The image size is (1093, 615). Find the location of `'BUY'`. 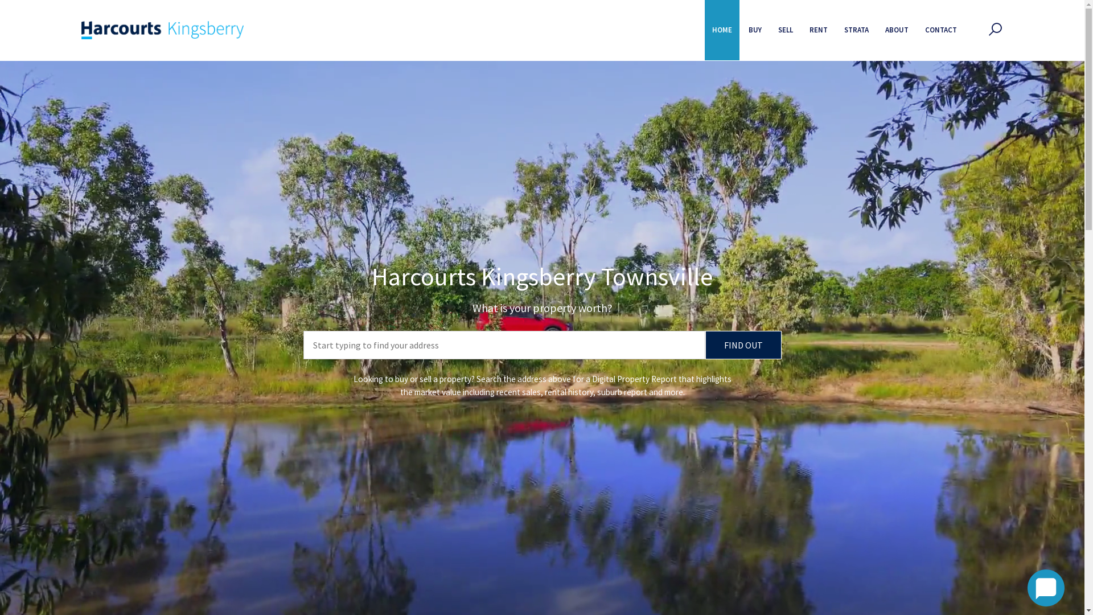

'BUY' is located at coordinates (755, 30).